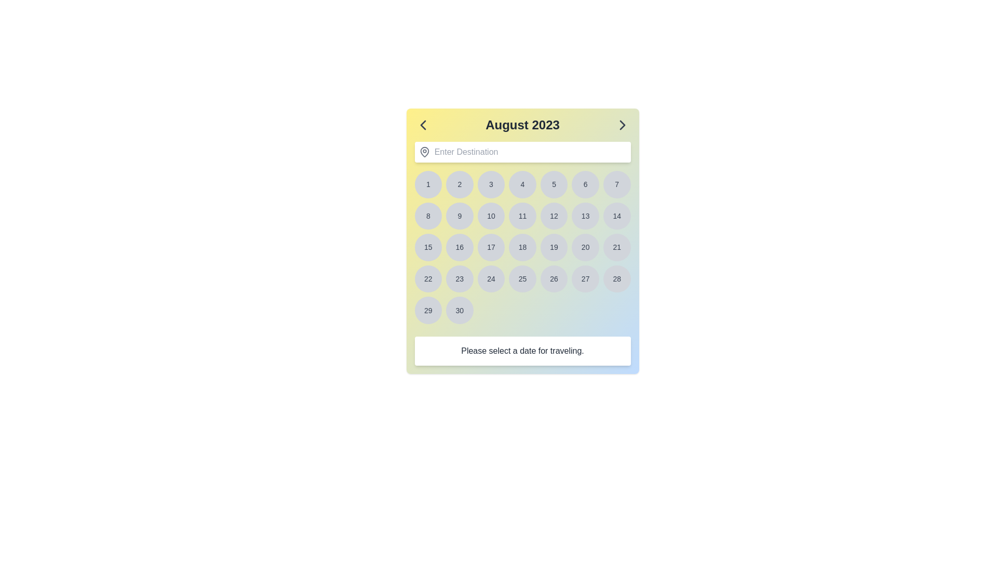  What do you see at coordinates (459, 215) in the screenshot?
I see `the circular button with a grey background displaying the number '9'` at bounding box center [459, 215].